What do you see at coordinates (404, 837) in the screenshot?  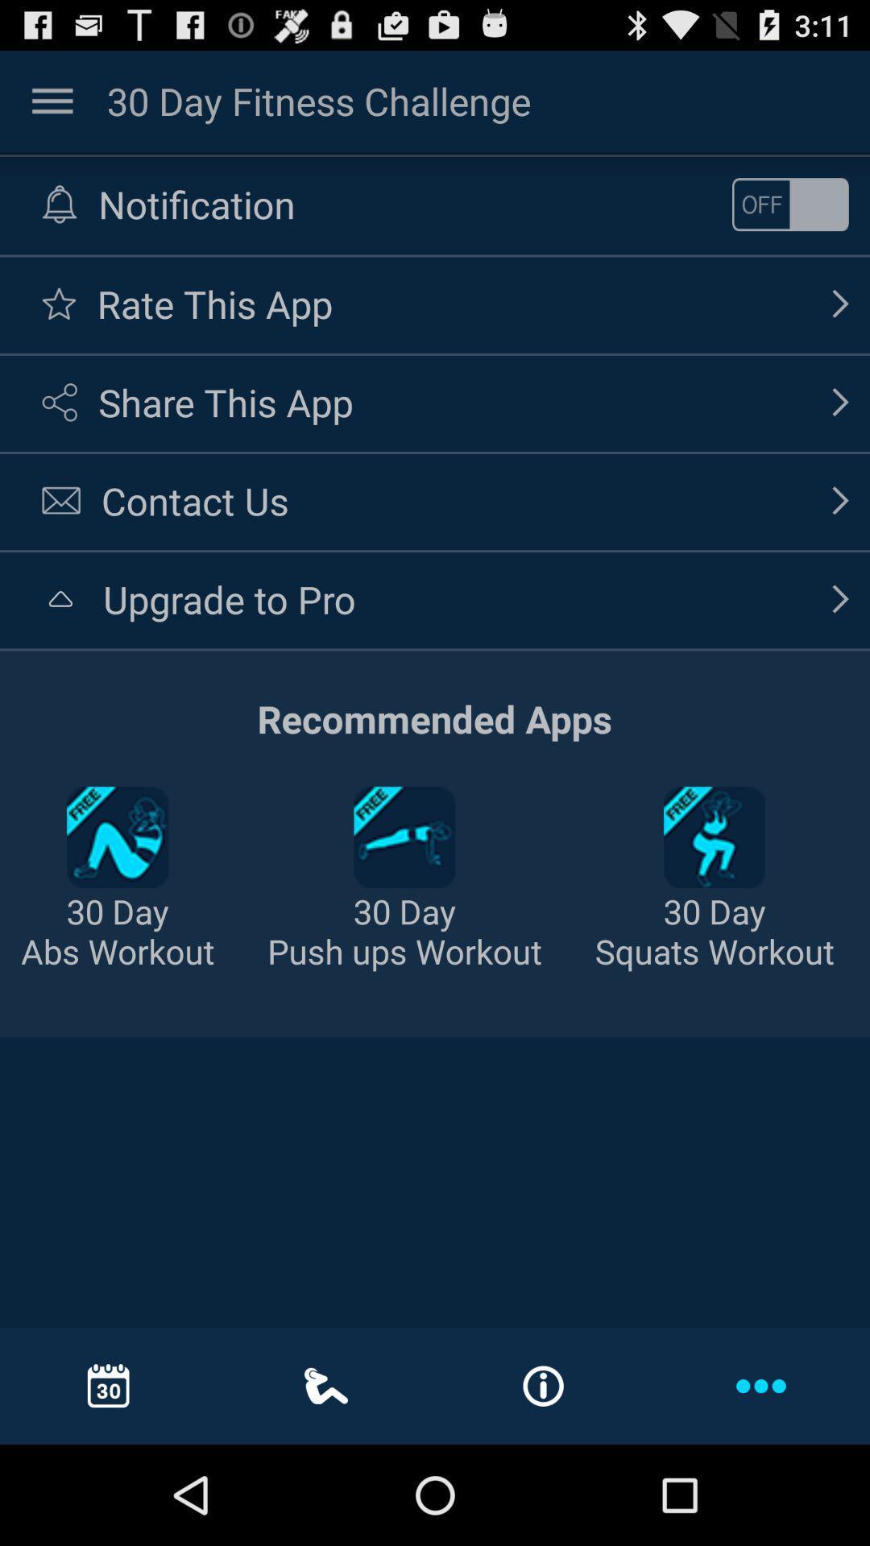 I see `the second option in recommended apps` at bounding box center [404, 837].